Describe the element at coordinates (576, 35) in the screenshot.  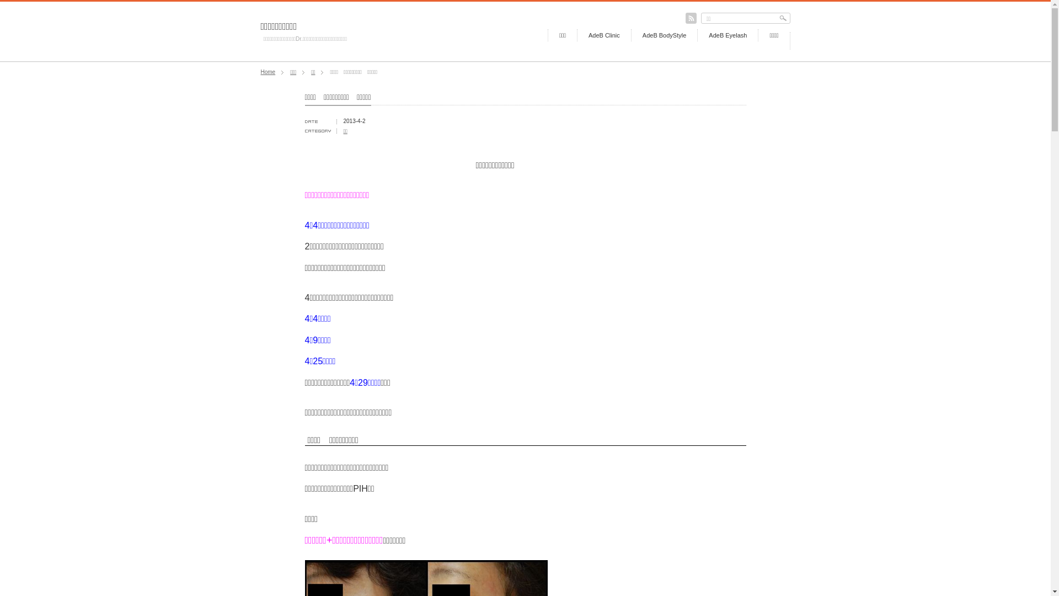
I see `'AdeB Clinic'` at that location.